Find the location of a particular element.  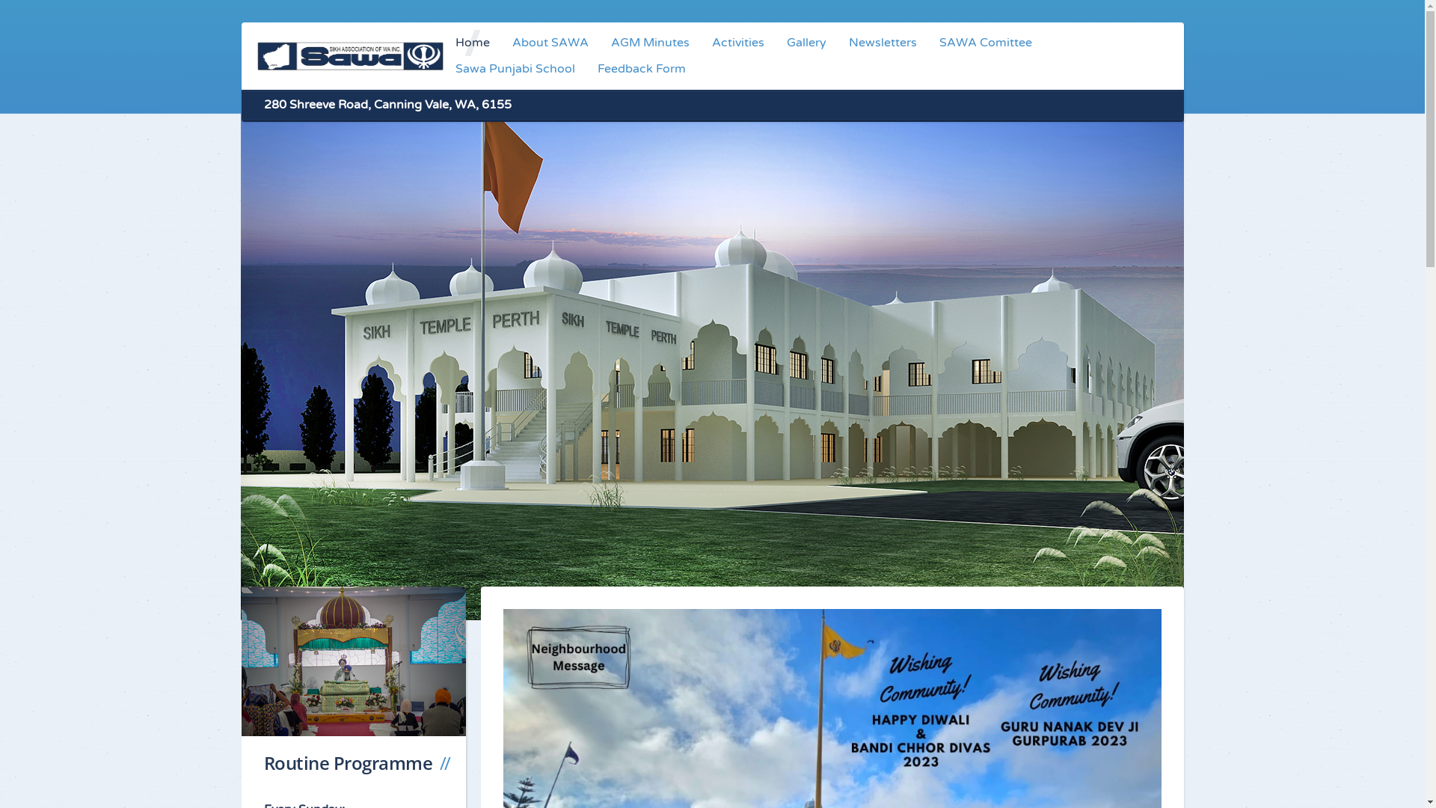

'Home' is located at coordinates (472, 42).